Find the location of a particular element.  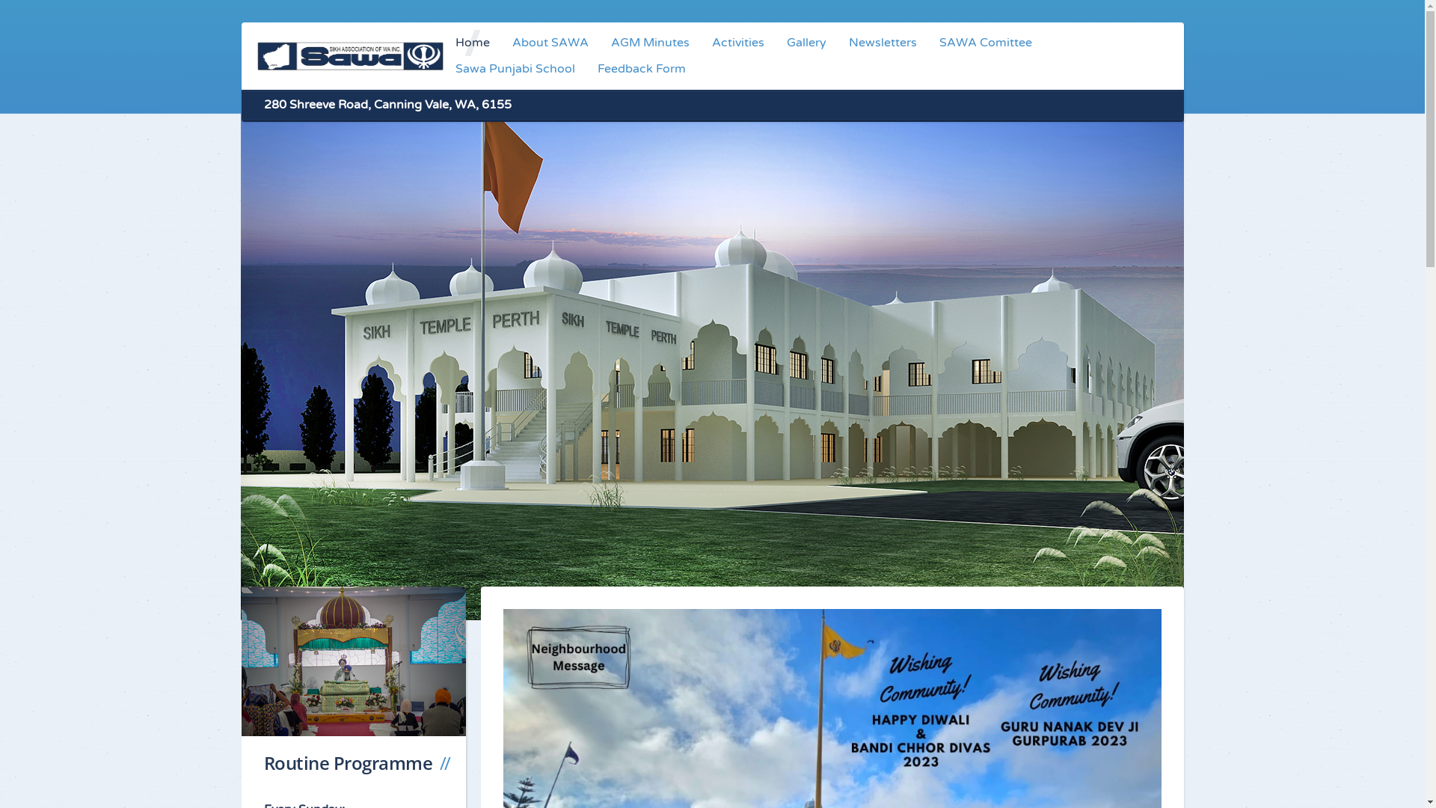

'Home' is located at coordinates (472, 42).